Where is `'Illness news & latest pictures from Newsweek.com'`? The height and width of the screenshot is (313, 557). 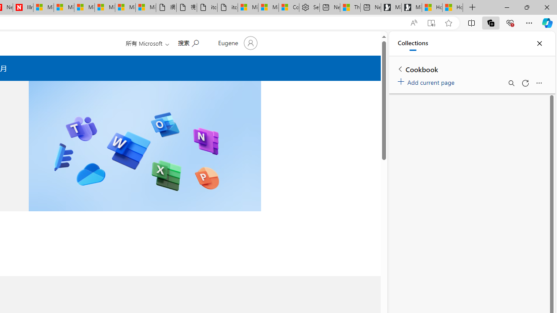 'Illness news & latest pictures from Newsweek.com' is located at coordinates (23, 7).